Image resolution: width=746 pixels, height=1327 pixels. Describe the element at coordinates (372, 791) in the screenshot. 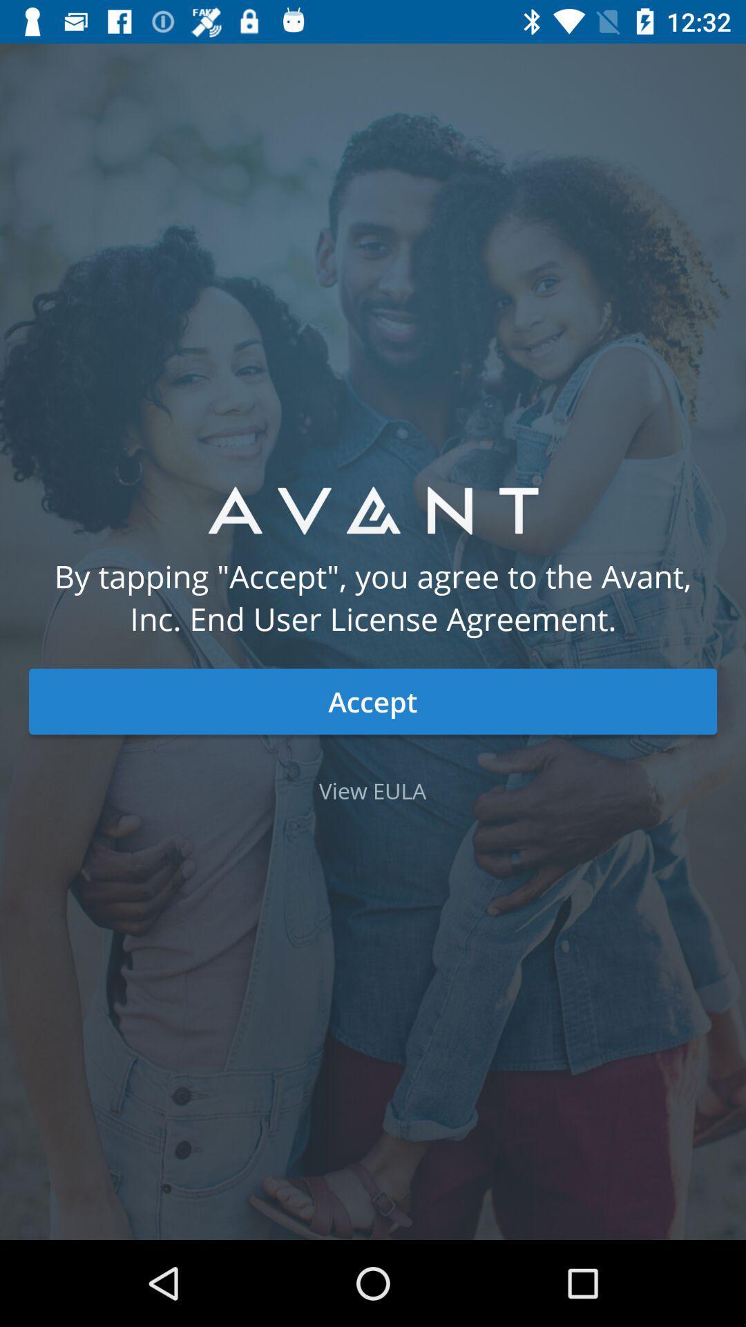

I see `the icon below accept` at that location.